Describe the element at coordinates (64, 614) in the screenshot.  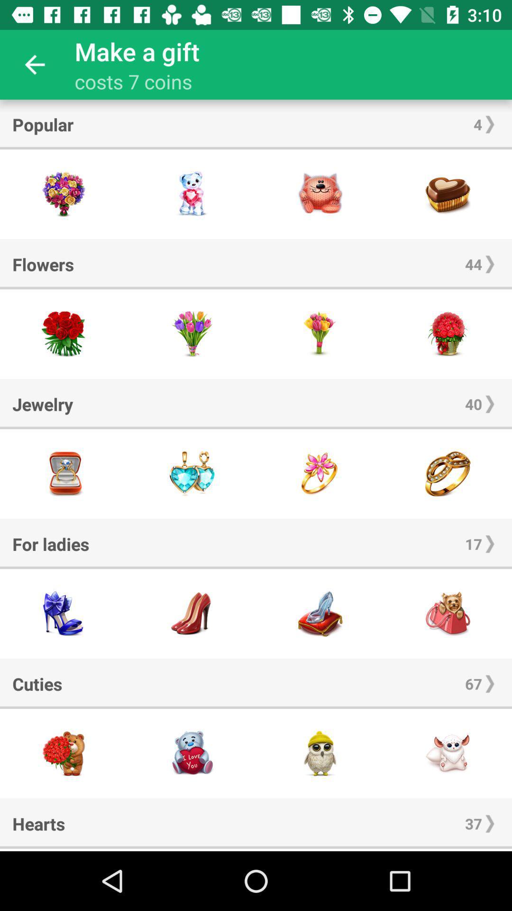
I see `this item` at that location.